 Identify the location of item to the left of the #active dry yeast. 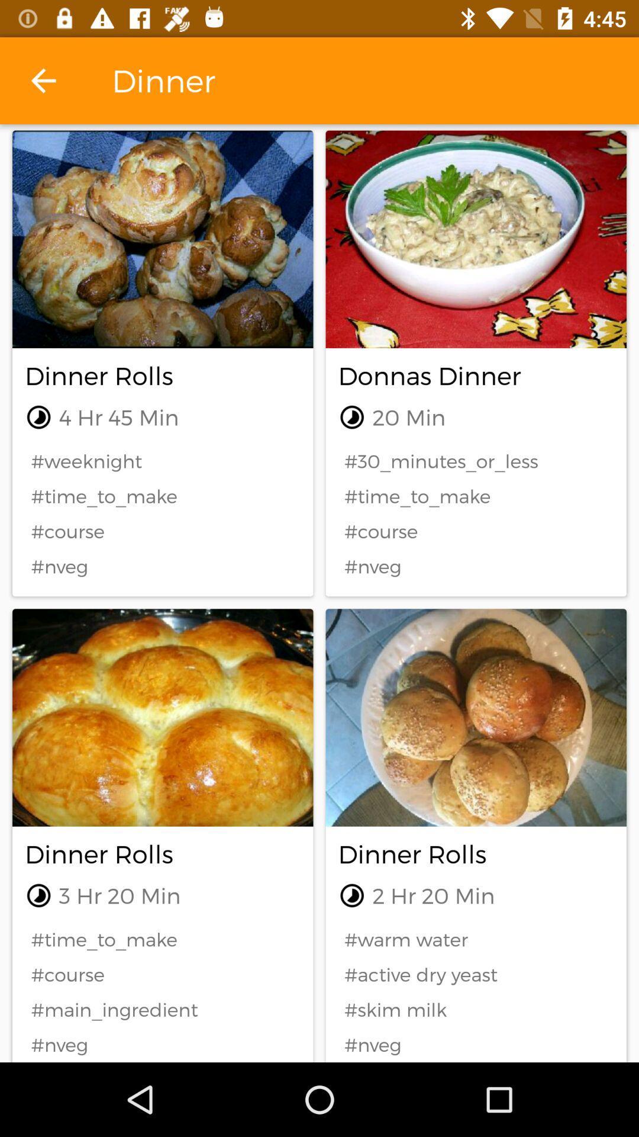
(163, 1009).